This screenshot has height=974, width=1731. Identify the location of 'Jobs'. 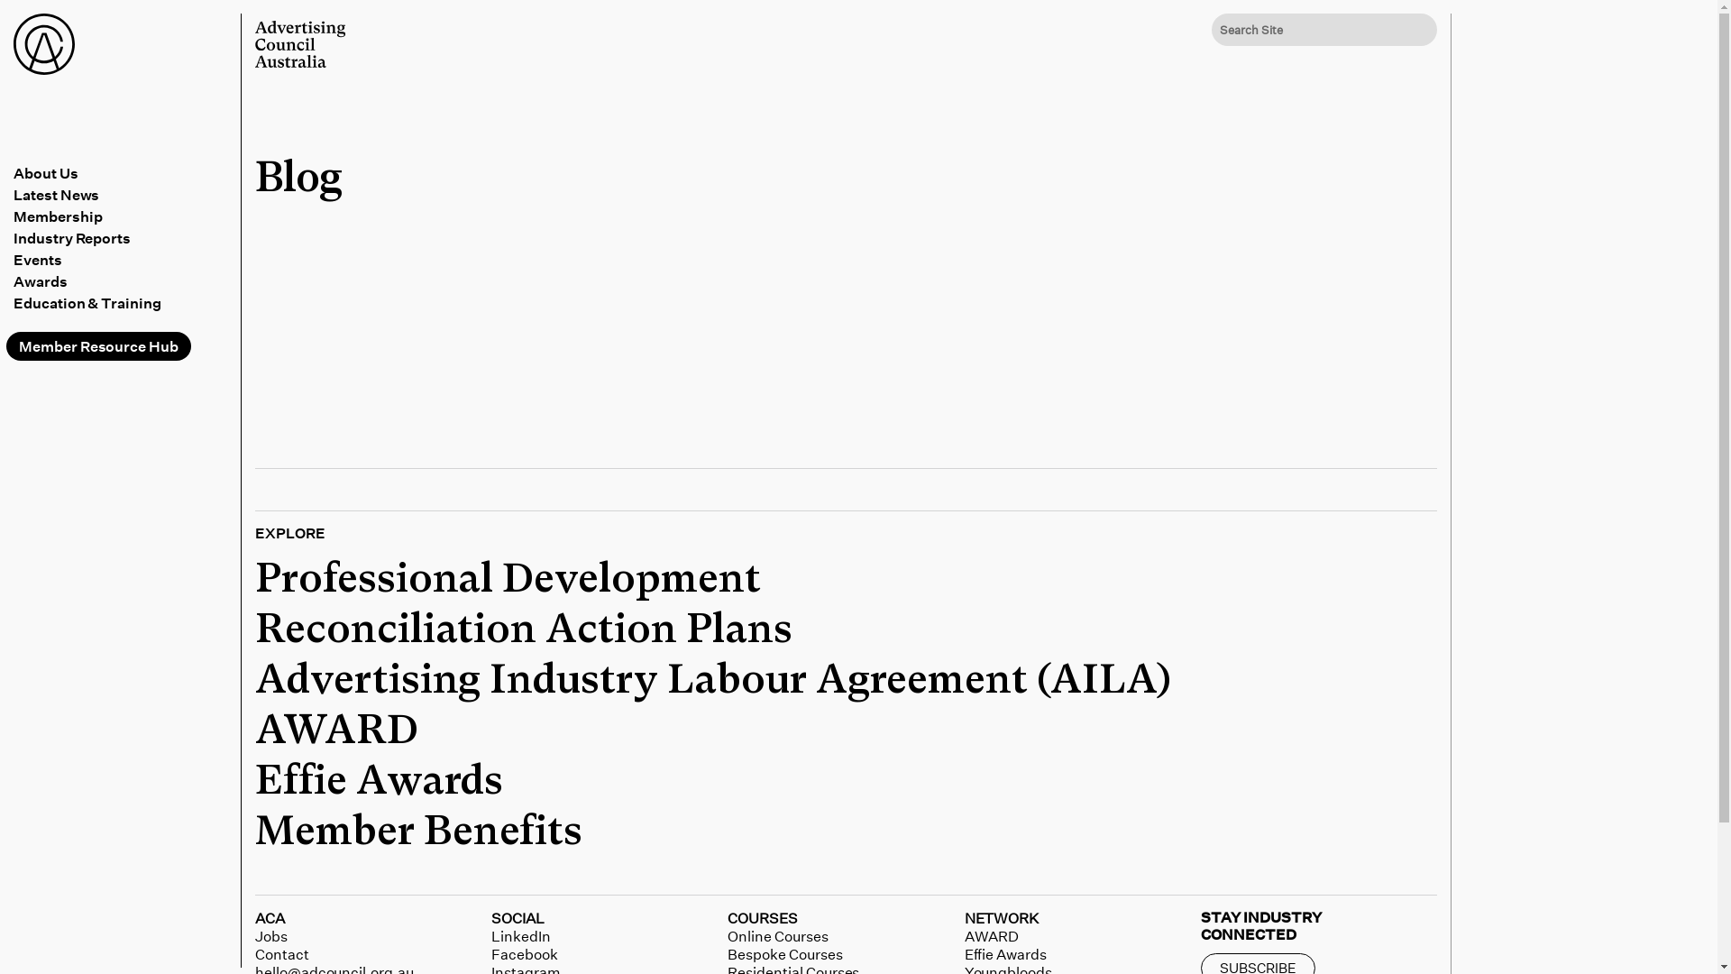
(254, 934).